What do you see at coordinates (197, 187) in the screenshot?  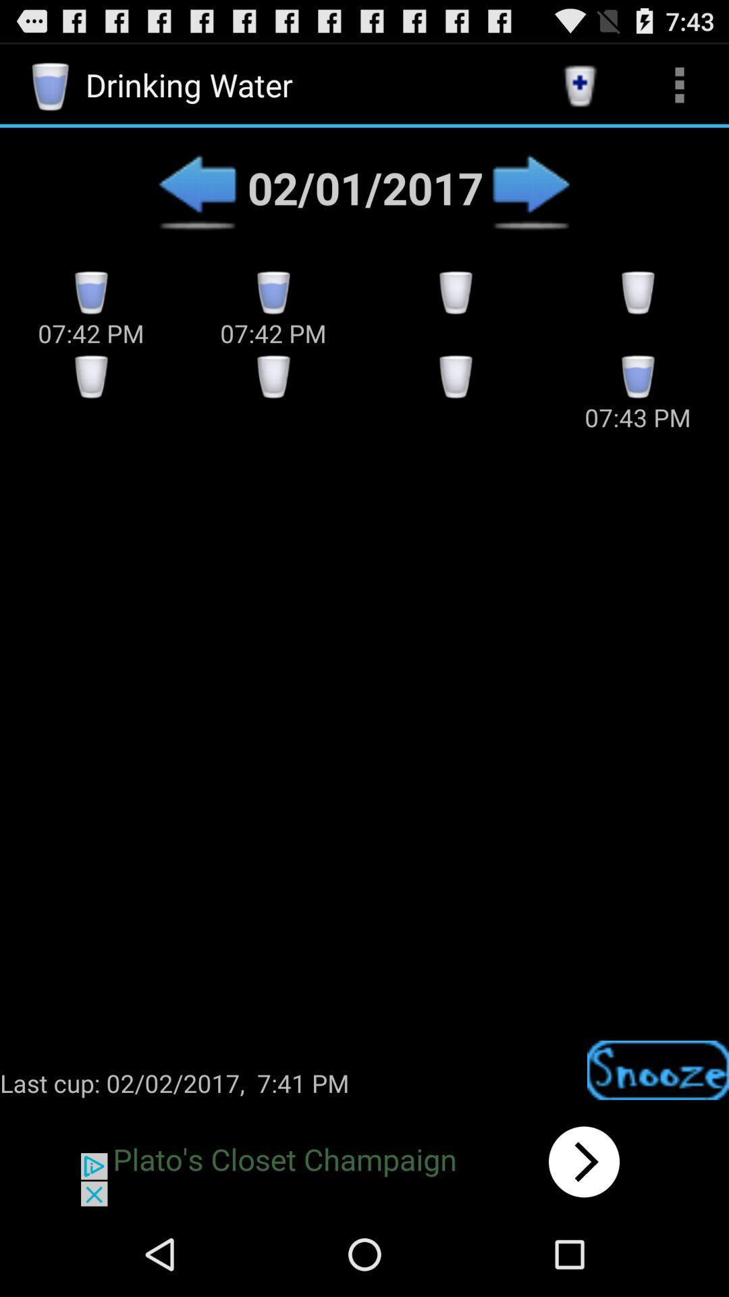 I see `backward` at bounding box center [197, 187].